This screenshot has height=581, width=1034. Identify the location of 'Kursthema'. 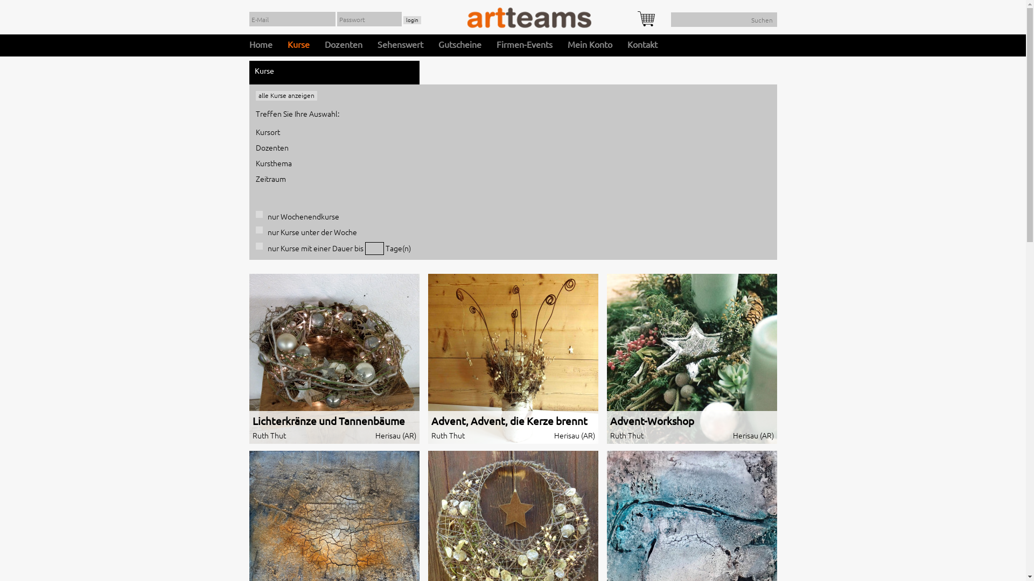
(273, 163).